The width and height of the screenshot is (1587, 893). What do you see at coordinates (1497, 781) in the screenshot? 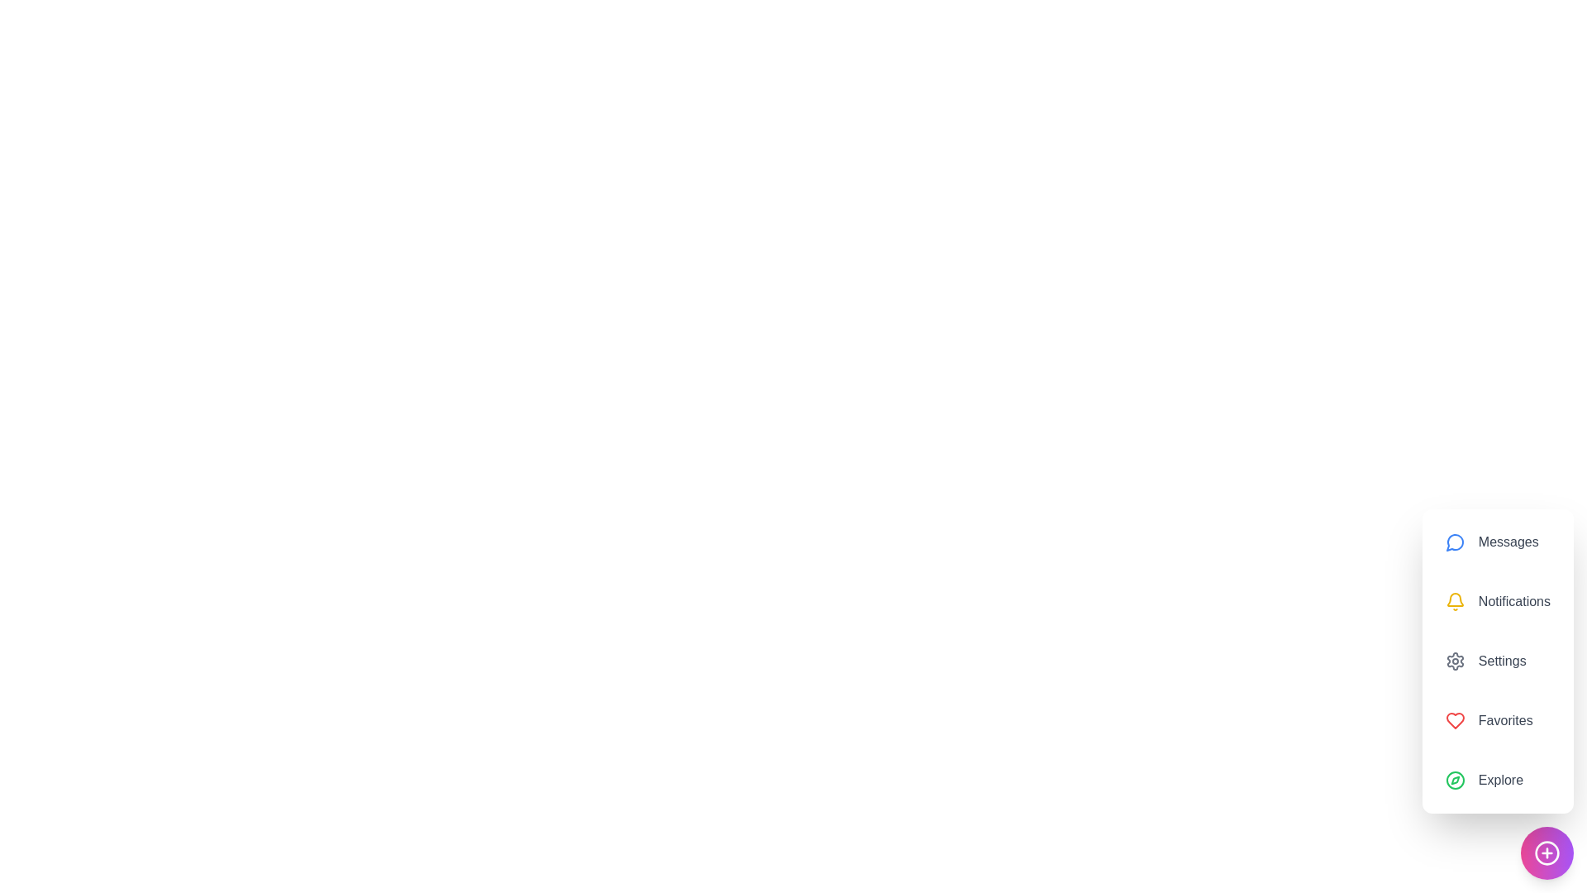
I see `the 'Explore' button to explore new content` at bounding box center [1497, 781].